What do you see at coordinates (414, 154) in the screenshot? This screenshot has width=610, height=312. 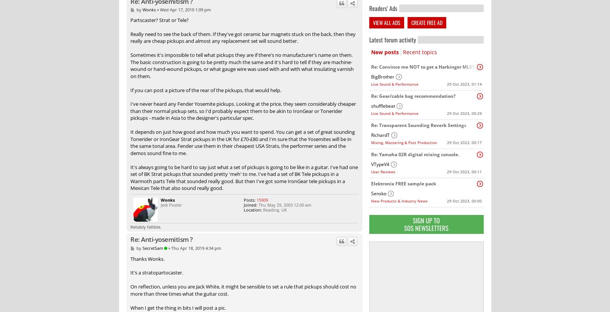 I see `'Re: Yamaha 02R digital mixing console.'` at bounding box center [414, 154].